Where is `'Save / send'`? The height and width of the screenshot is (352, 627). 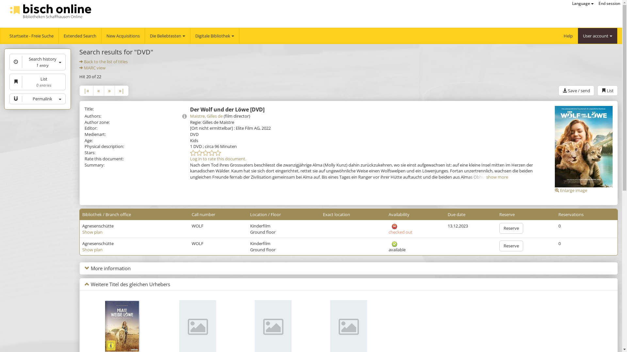
'Save / send' is located at coordinates (576, 91).